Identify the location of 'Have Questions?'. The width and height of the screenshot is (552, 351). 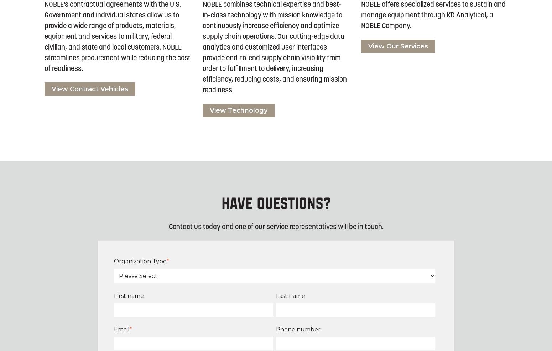
(276, 204).